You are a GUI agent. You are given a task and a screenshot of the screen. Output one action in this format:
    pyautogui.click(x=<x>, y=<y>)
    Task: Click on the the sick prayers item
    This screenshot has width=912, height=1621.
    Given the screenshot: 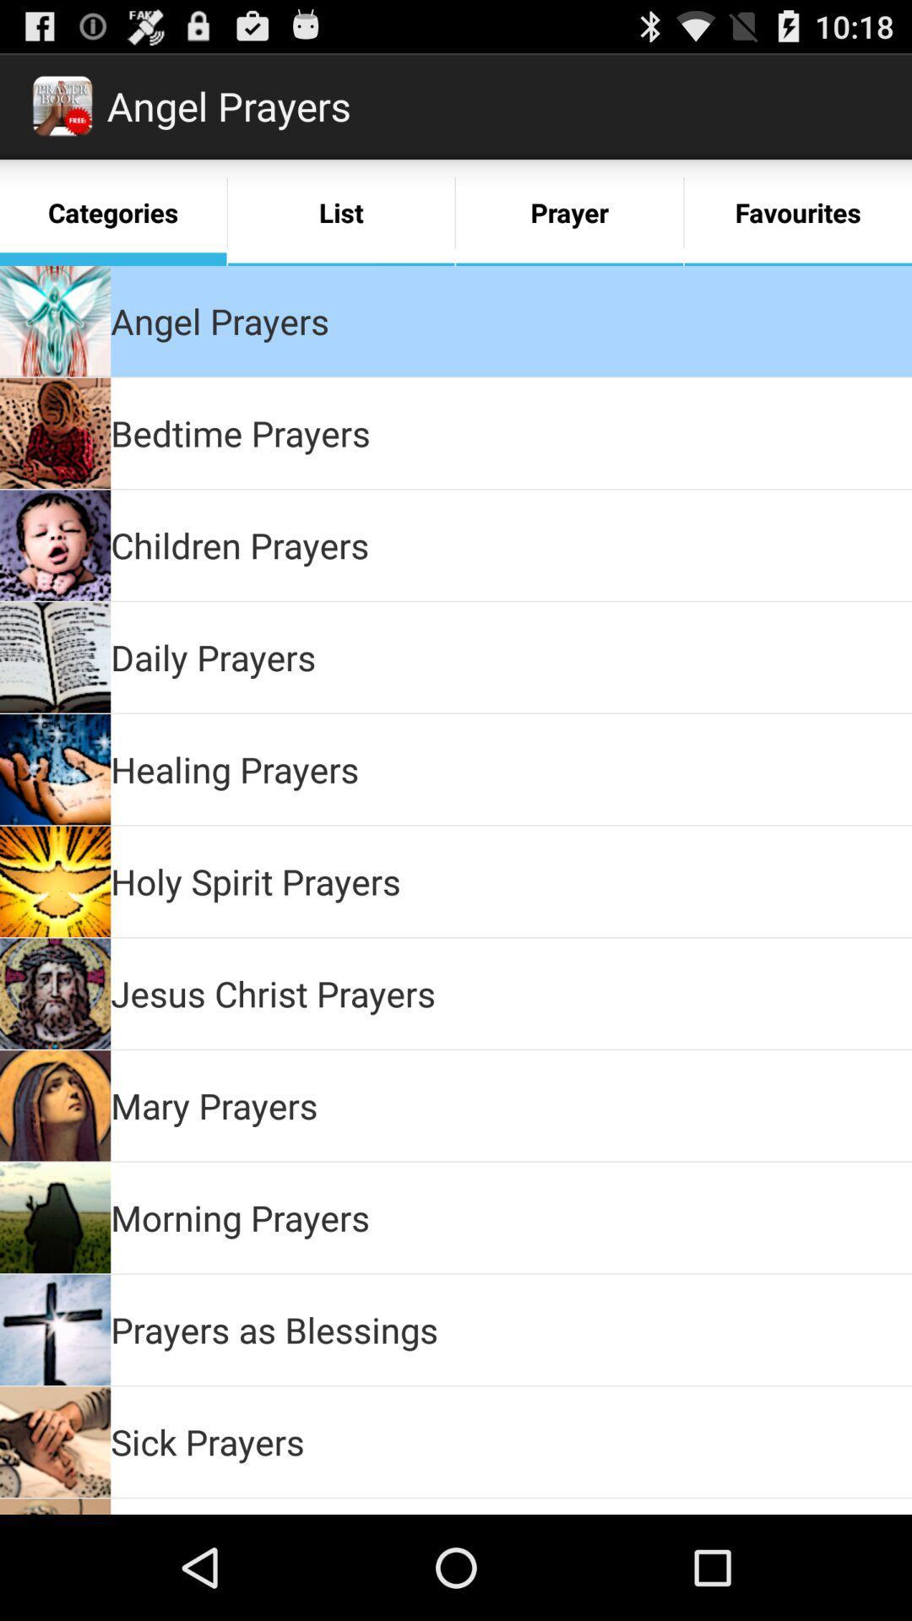 What is the action you would take?
    pyautogui.click(x=207, y=1440)
    